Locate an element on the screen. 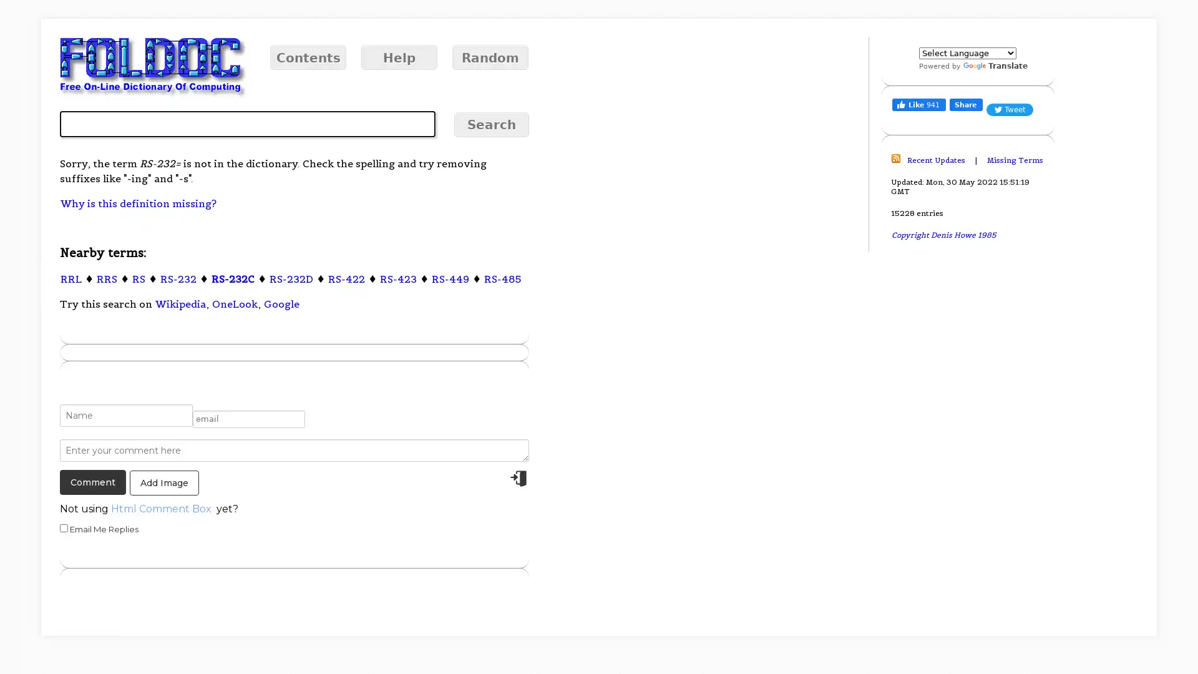 Image resolution: width=1198 pixels, height=674 pixels. Search is located at coordinates (490, 125).